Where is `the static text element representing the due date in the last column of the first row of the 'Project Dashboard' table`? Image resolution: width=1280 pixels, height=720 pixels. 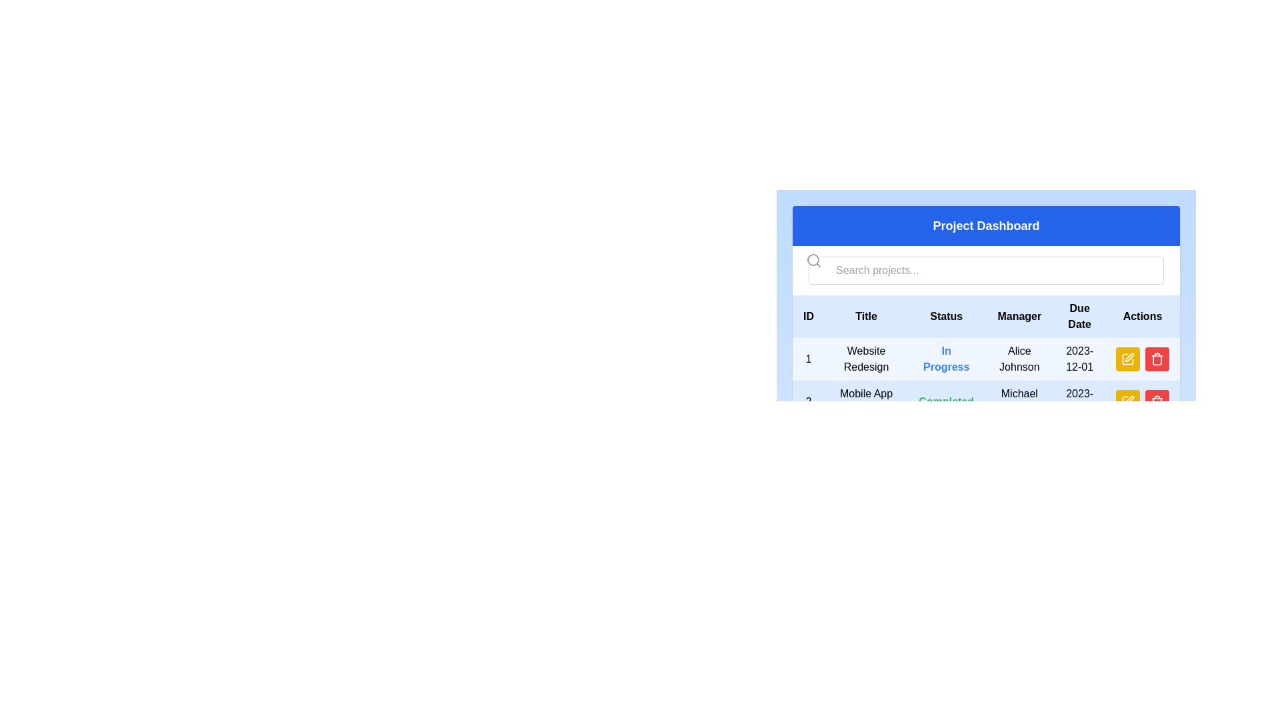
the static text element representing the due date in the last column of the first row of the 'Project Dashboard' table is located at coordinates (1079, 359).